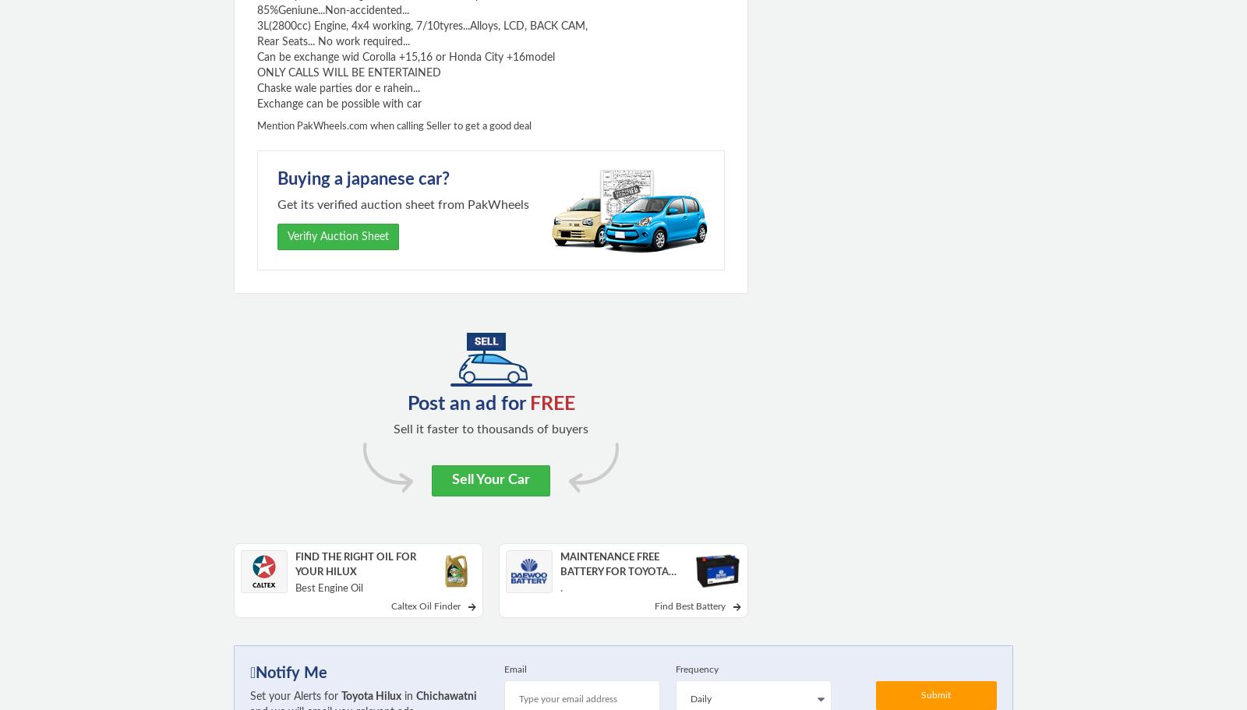 This screenshot has width=1247, height=710. Describe the element at coordinates (490, 428) in the screenshot. I see `'Sell it faster to thousands of buyers'` at that location.